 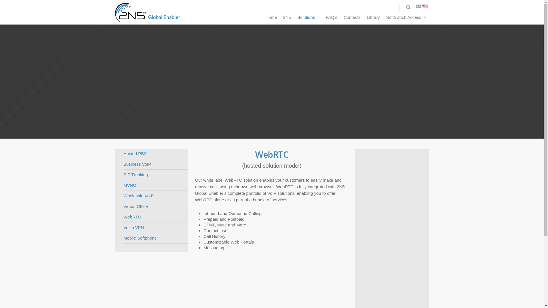 I want to click on 'SIP Trunking', so click(x=156, y=175).